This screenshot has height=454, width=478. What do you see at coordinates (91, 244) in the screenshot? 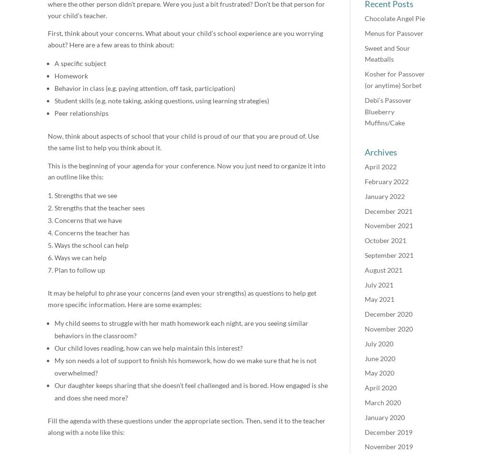
I see `'Ways the school can help'` at bounding box center [91, 244].